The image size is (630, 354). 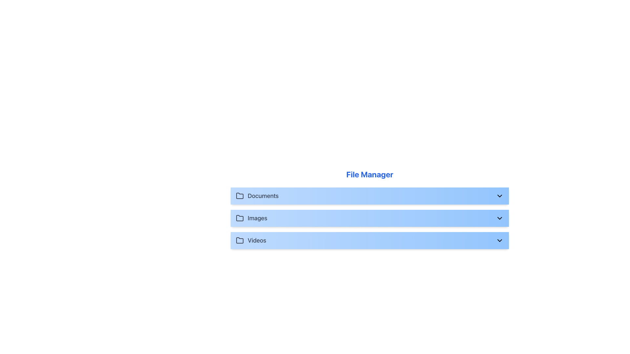 What do you see at coordinates (239, 240) in the screenshot?
I see `the small gray folder icon located on the left side of the 'Videos' row` at bounding box center [239, 240].